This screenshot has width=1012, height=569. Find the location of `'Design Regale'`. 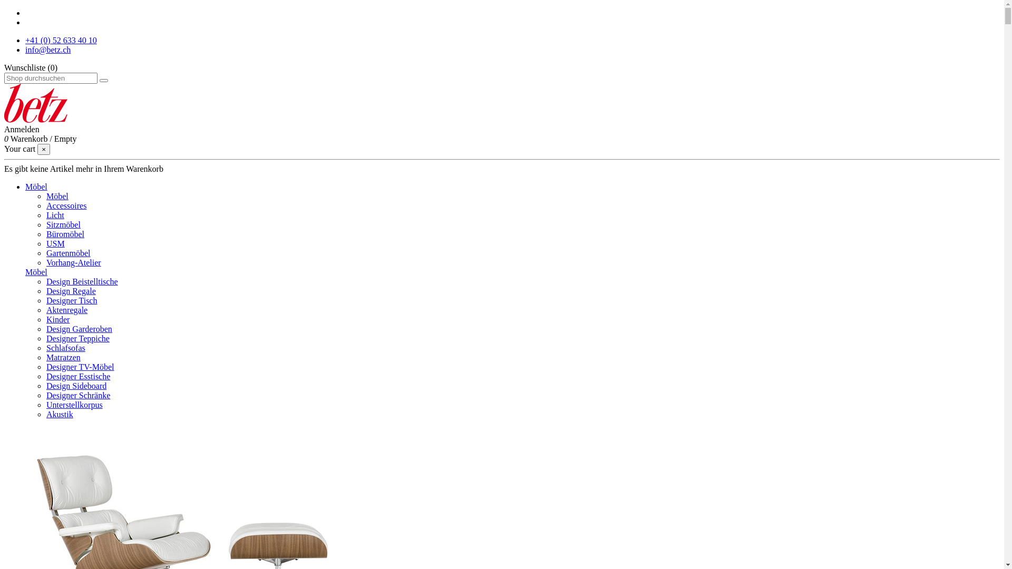

'Design Regale' is located at coordinates (70, 291).